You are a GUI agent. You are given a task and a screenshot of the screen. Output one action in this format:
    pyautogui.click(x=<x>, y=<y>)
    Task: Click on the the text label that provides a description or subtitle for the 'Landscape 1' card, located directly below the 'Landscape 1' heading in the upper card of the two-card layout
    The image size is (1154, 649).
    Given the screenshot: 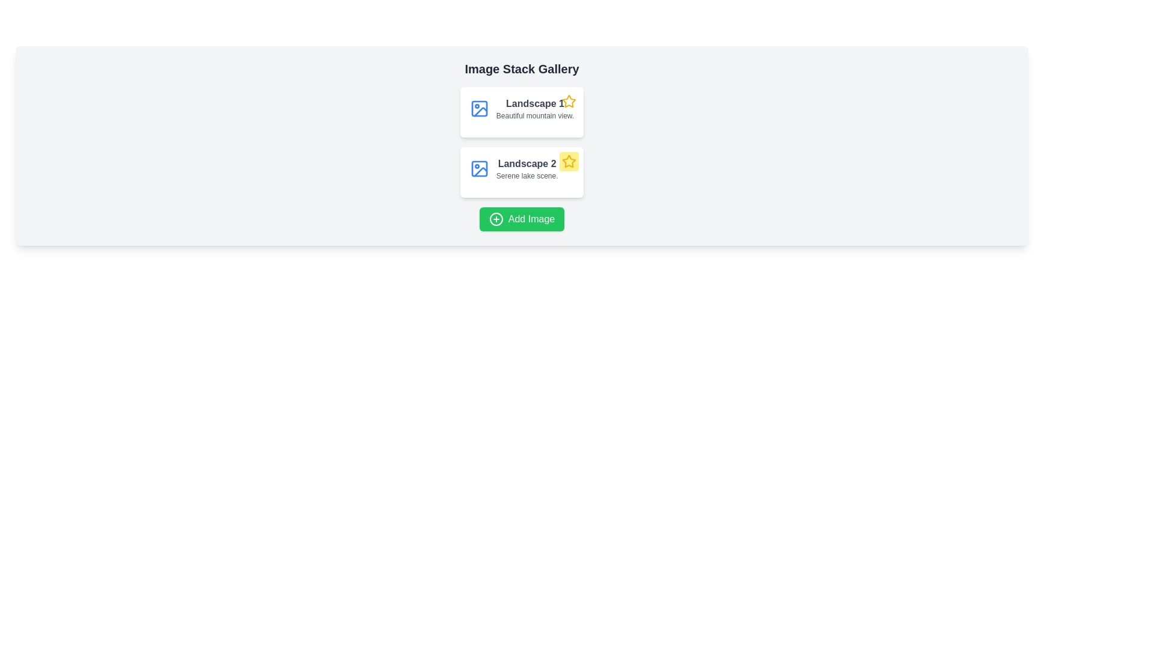 What is the action you would take?
    pyautogui.click(x=534, y=115)
    